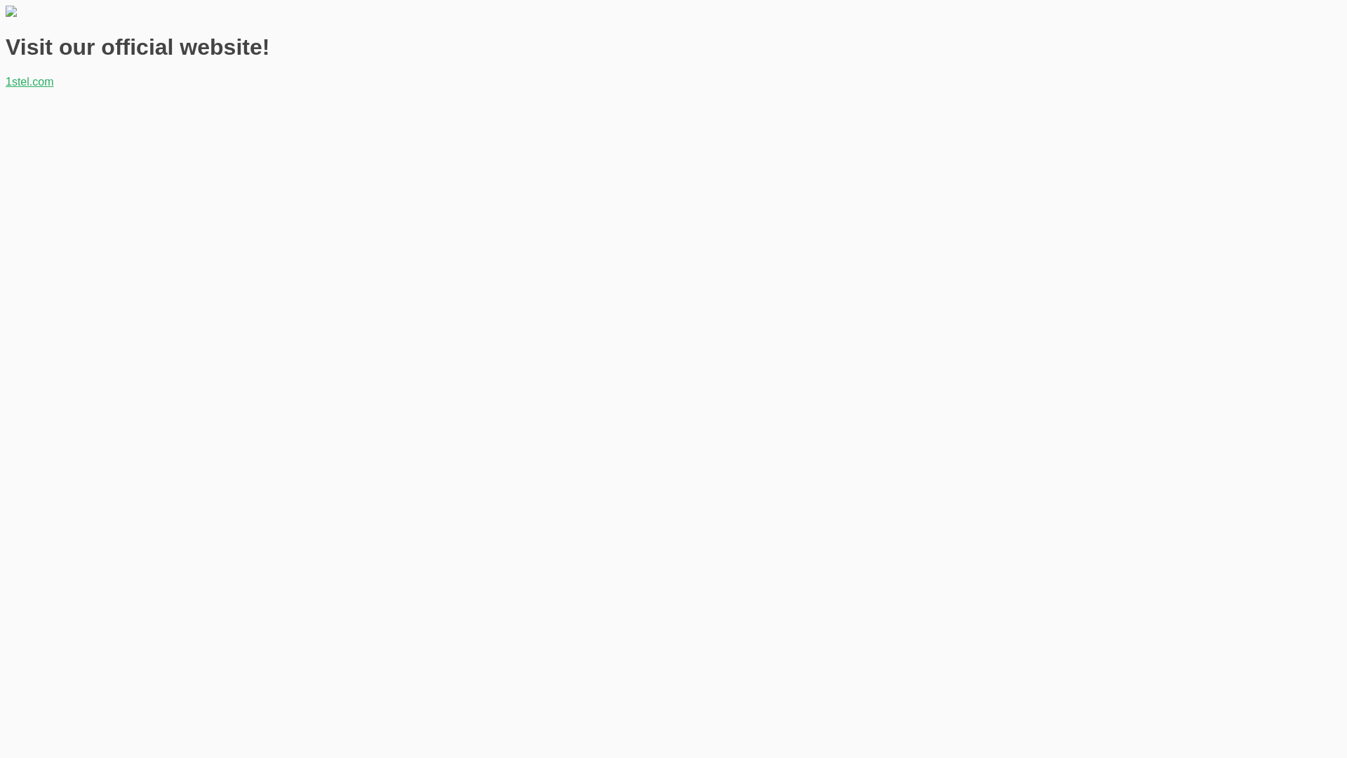 This screenshot has width=1347, height=758. Describe the element at coordinates (6, 81) in the screenshot. I see `'1stel.com'` at that location.